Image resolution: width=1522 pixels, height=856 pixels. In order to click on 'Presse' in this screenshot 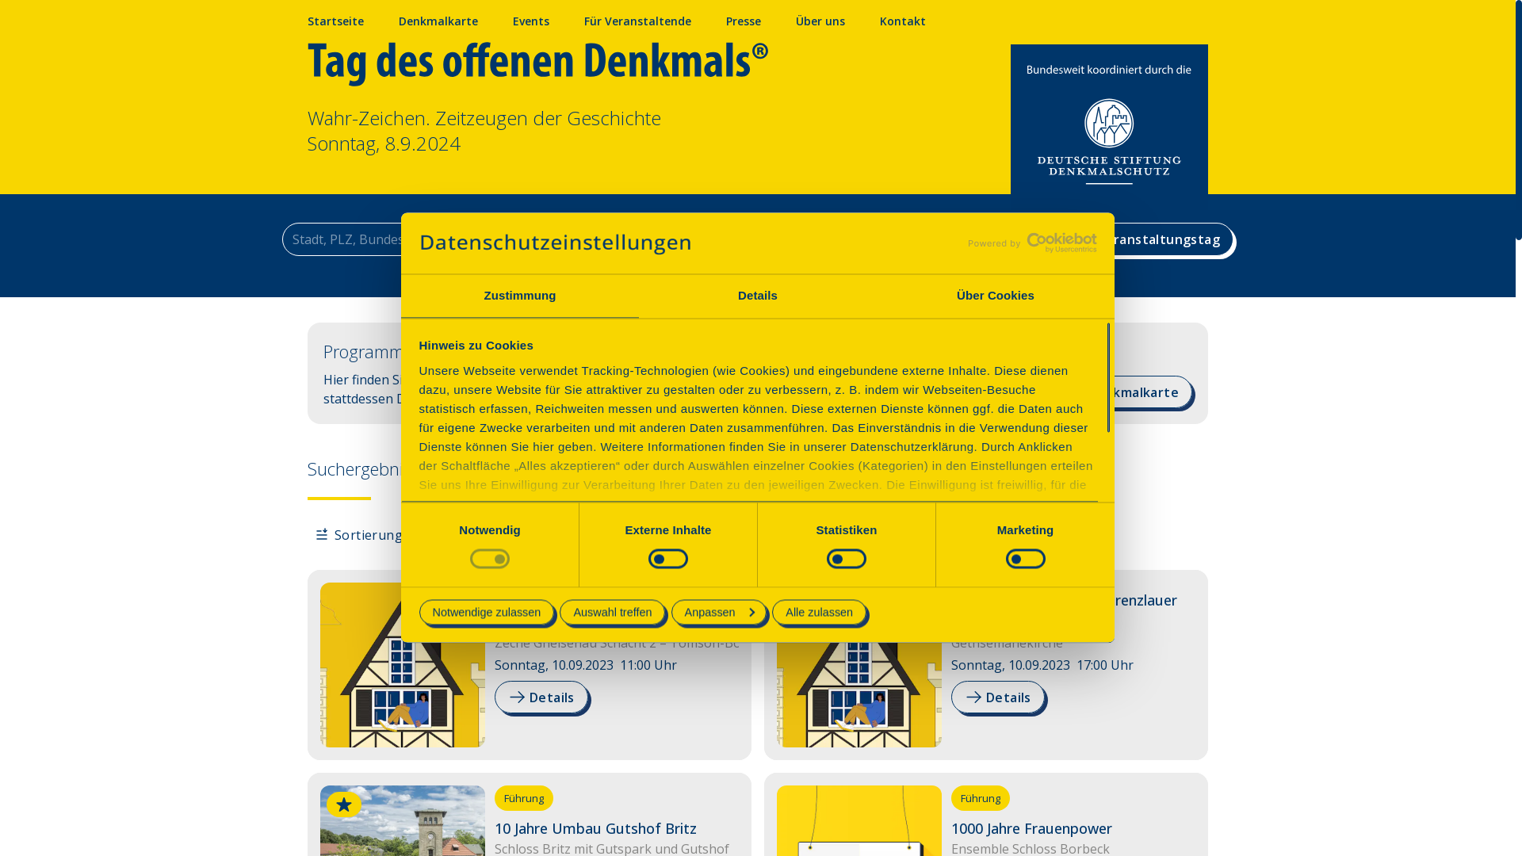, I will do `click(742, 21)`.